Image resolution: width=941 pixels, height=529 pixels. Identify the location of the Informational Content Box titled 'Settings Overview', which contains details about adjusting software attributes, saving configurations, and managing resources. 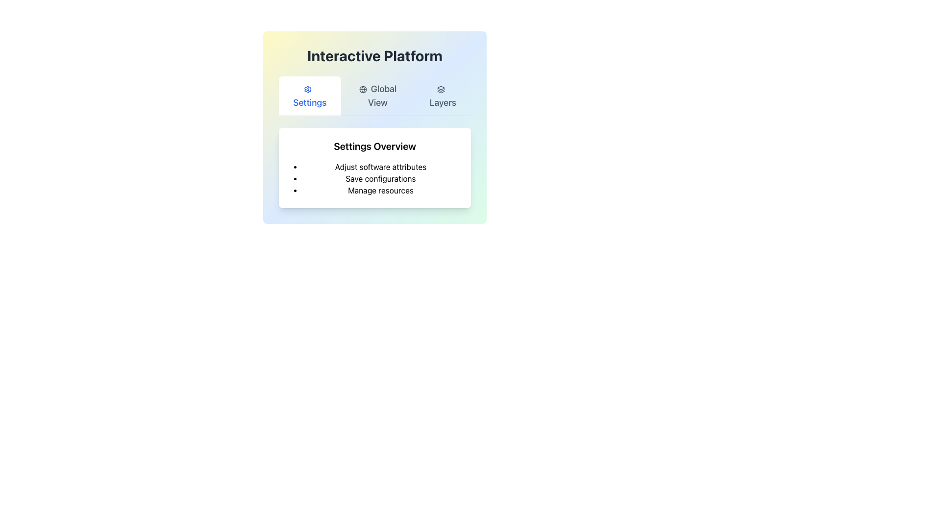
(374, 151).